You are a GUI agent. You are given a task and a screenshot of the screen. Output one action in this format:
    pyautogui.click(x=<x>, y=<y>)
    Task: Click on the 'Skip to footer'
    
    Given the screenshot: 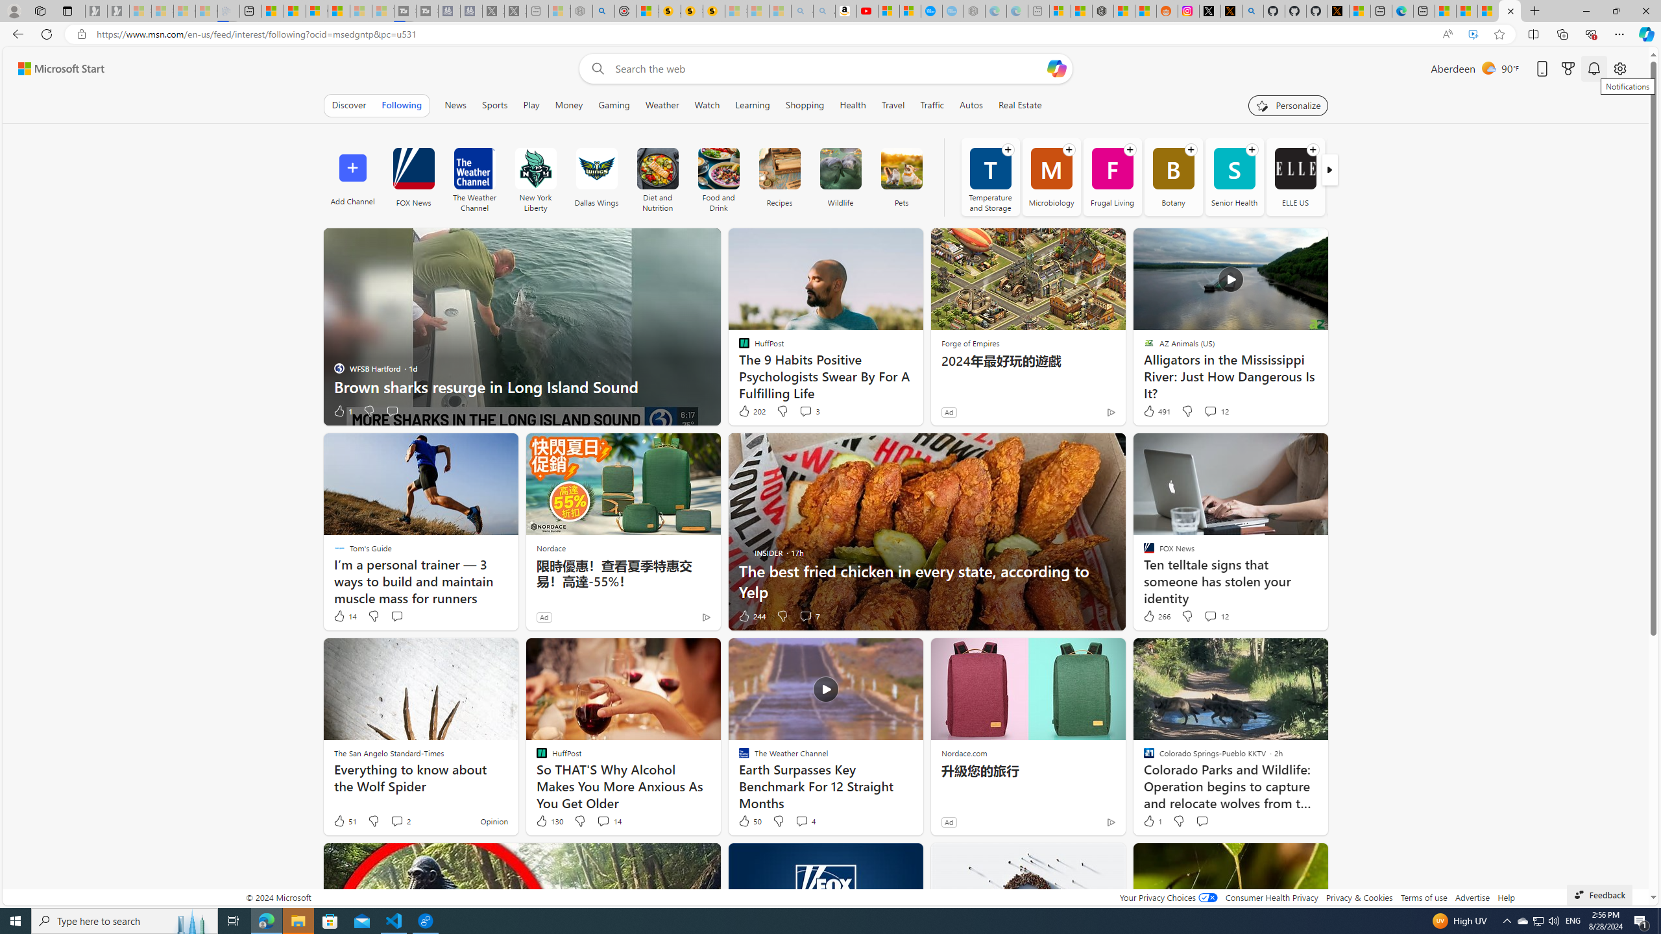 What is the action you would take?
    pyautogui.click(x=53, y=67)
    